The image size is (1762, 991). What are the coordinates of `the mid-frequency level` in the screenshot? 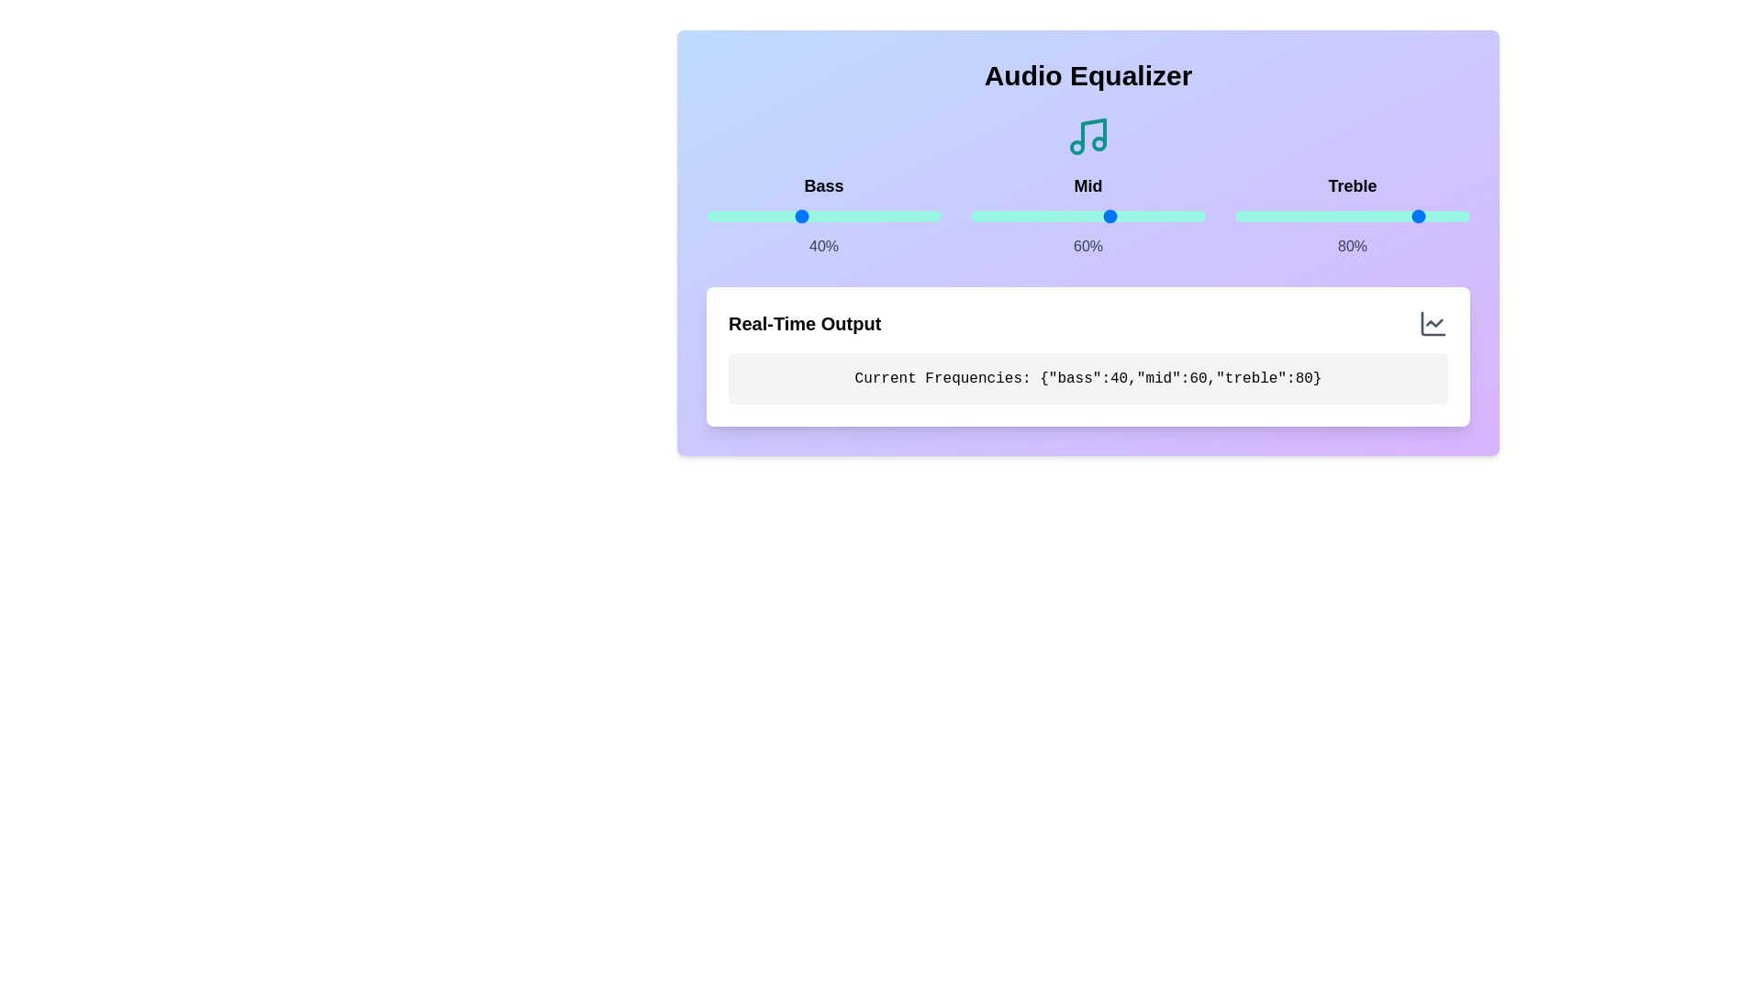 It's located at (1124, 215).